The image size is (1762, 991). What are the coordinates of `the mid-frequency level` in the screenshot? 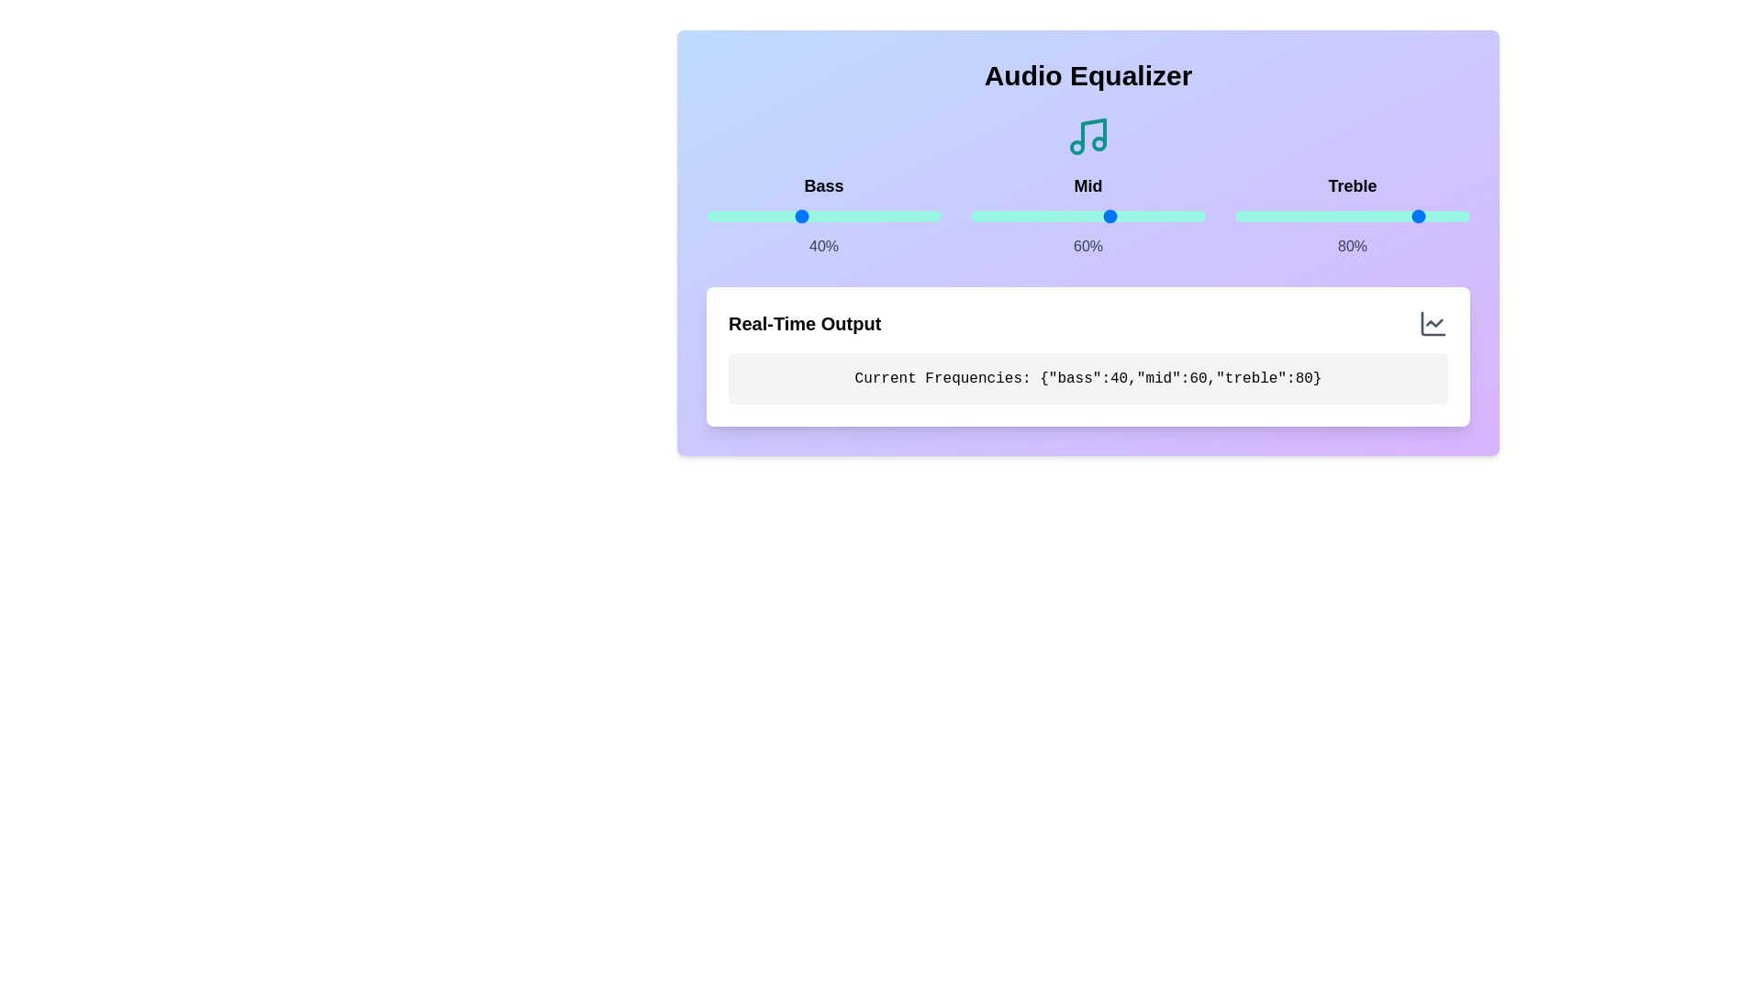 It's located at (1124, 215).